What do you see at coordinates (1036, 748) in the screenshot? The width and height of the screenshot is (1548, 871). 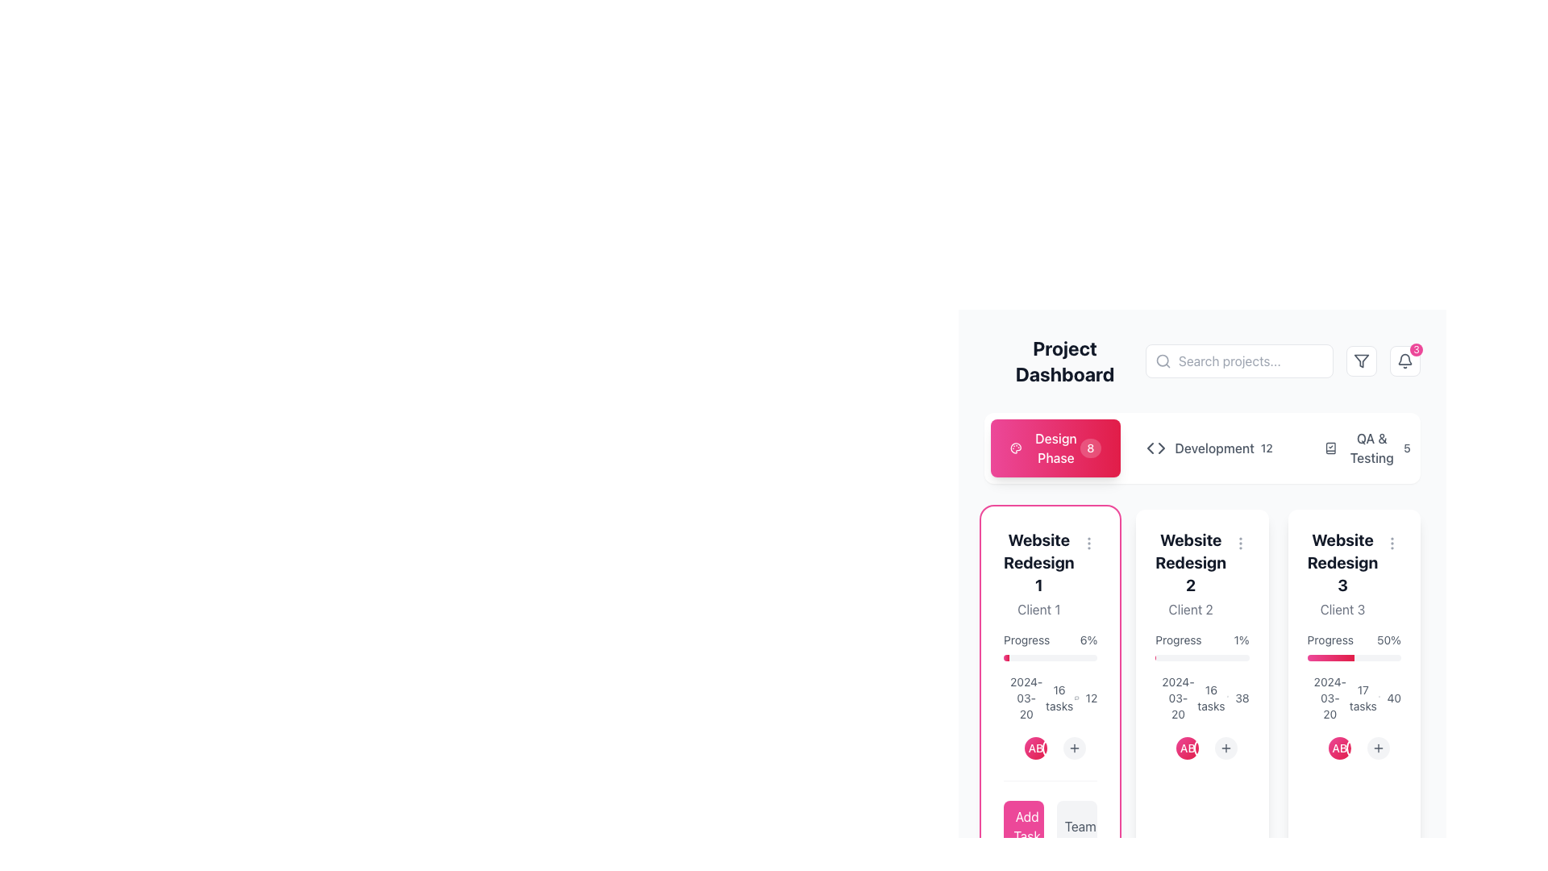 I see `the circular avatar icon with a gradient background and 'AB' text, which is the second icon in a horizontal arrangement below the 'Website Redesign 3' card` at bounding box center [1036, 748].